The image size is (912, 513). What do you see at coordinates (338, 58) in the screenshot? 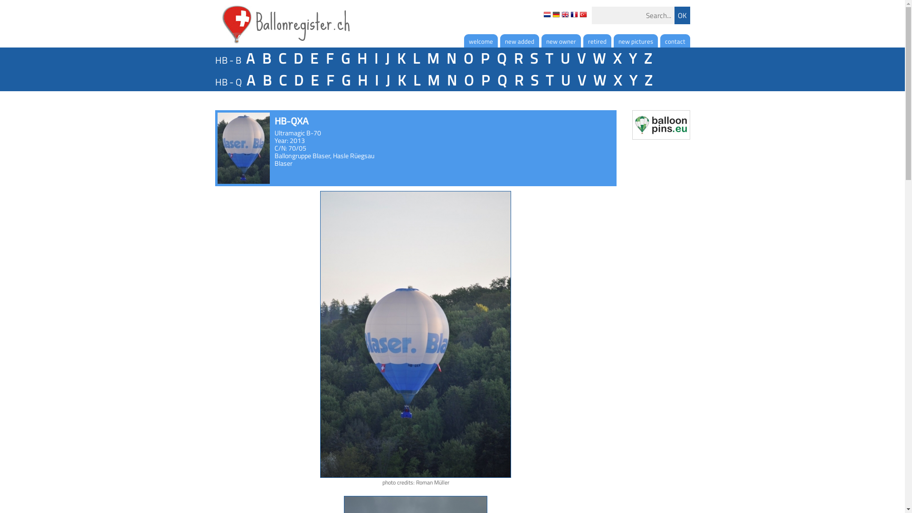
I see `'G'` at bounding box center [338, 58].